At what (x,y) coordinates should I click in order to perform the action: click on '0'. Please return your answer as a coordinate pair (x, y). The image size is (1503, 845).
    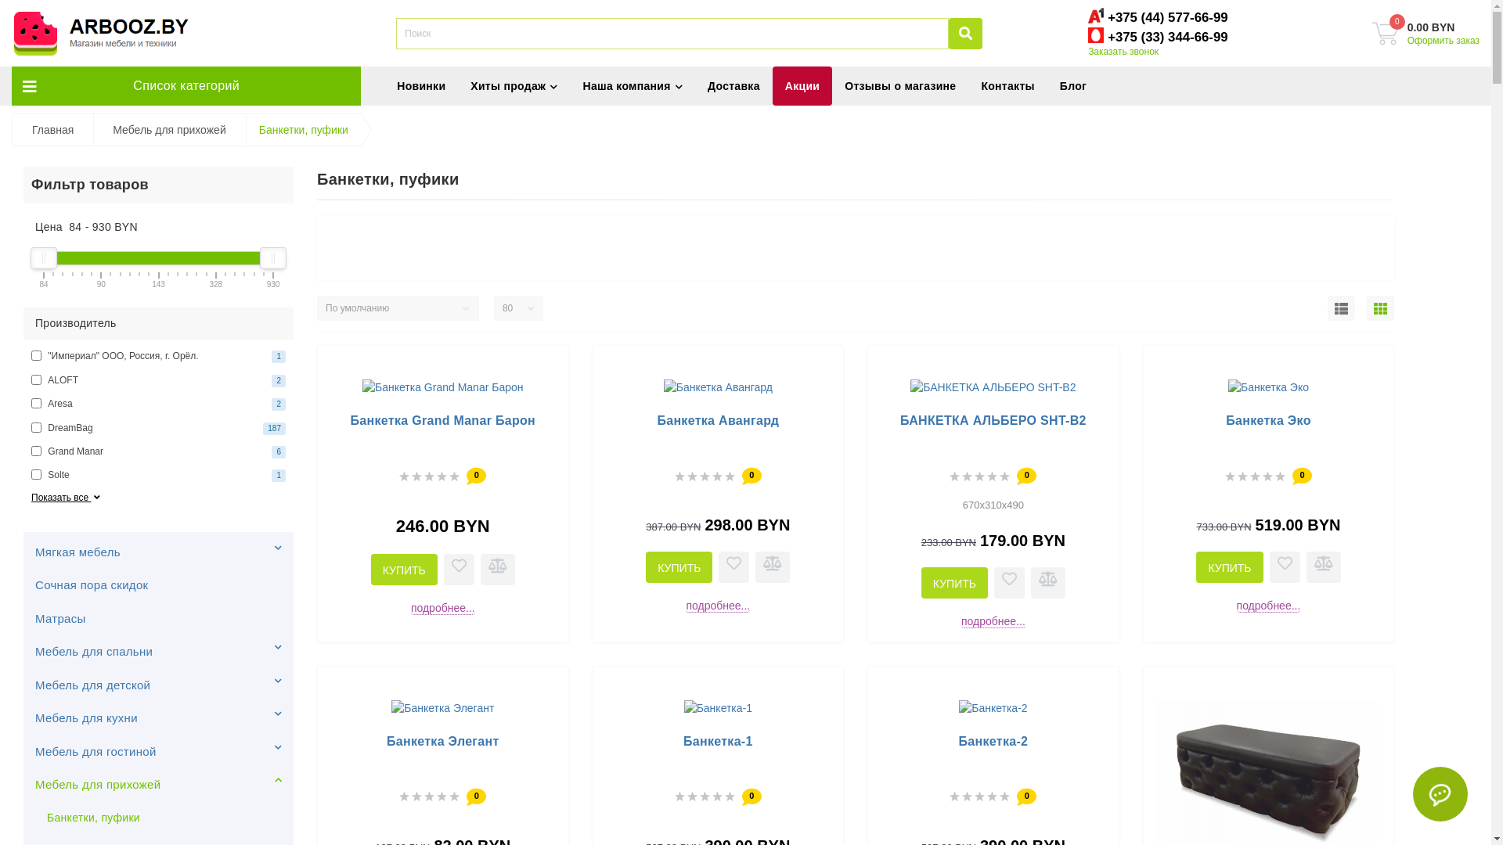
    Looking at the image, I should click on (1386, 33).